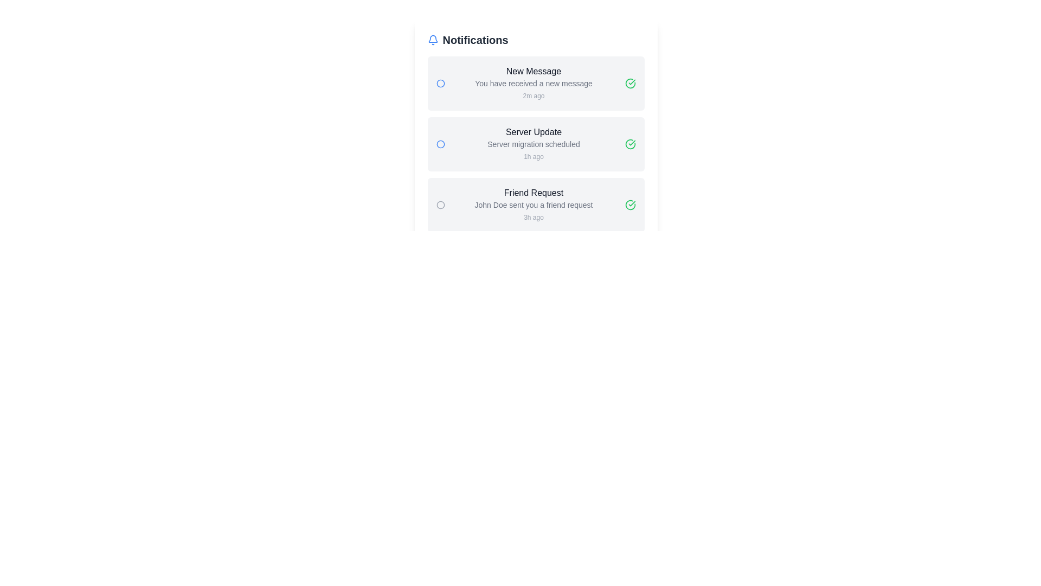 This screenshot has width=1041, height=586. Describe the element at coordinates (440, 205) in the screenshot. I see `the circular icon with a gray border located at the top-left corner of the 'Friend Request' notification card` at that location.